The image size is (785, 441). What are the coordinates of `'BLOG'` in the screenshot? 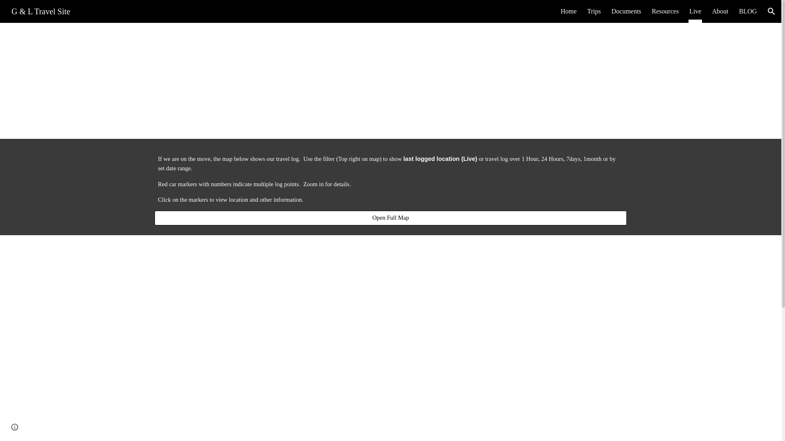 It's located at (747, 11).